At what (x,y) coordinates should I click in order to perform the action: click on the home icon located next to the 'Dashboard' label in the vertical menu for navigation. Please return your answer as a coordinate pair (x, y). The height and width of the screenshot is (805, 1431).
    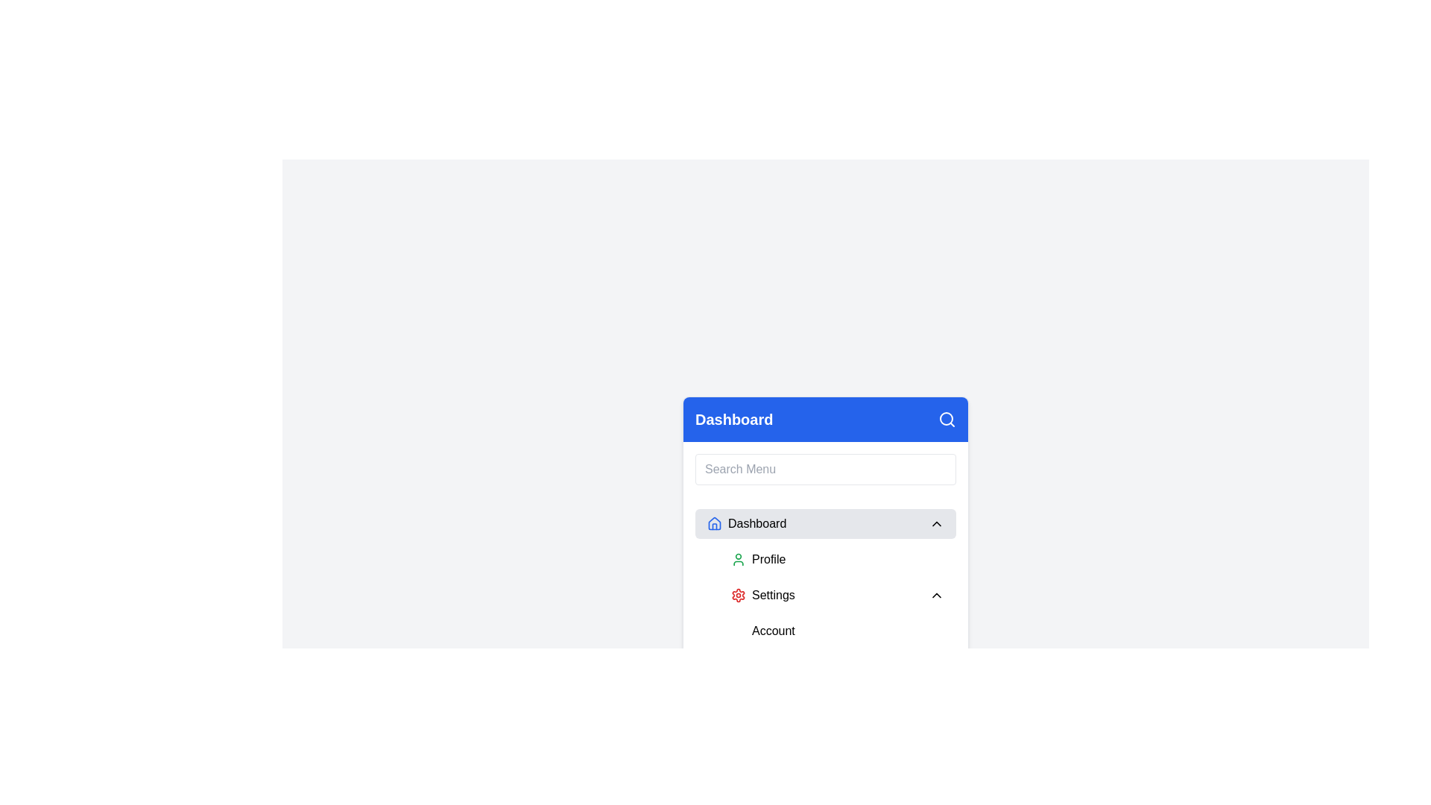
    Looking at the image, I should click on (714, 523).